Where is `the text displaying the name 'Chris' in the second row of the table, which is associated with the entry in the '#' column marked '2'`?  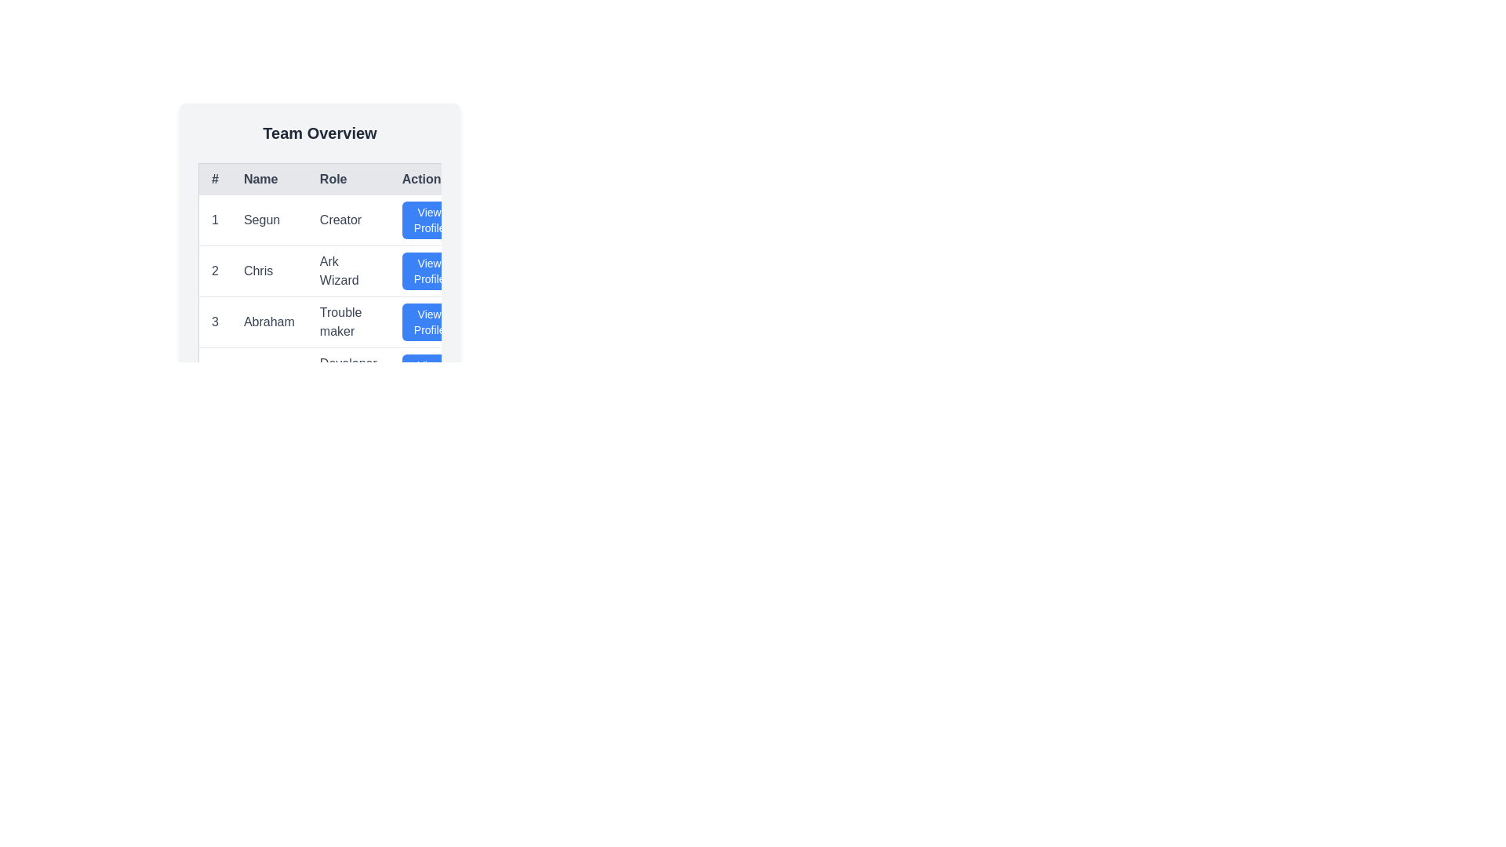 the text displaying the name 'Chris' in the second row of the table, which is associated with the entry in the '#' column marked '2' is located at coordinates (269, 271).